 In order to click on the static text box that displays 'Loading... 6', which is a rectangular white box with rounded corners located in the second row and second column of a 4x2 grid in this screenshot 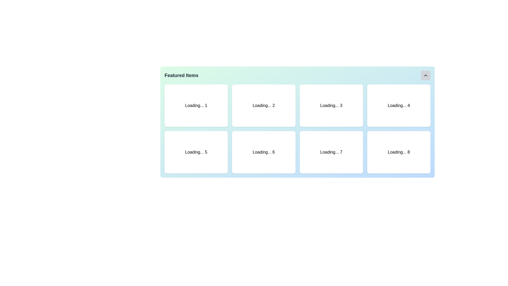, I will do `click(264, 152)`.